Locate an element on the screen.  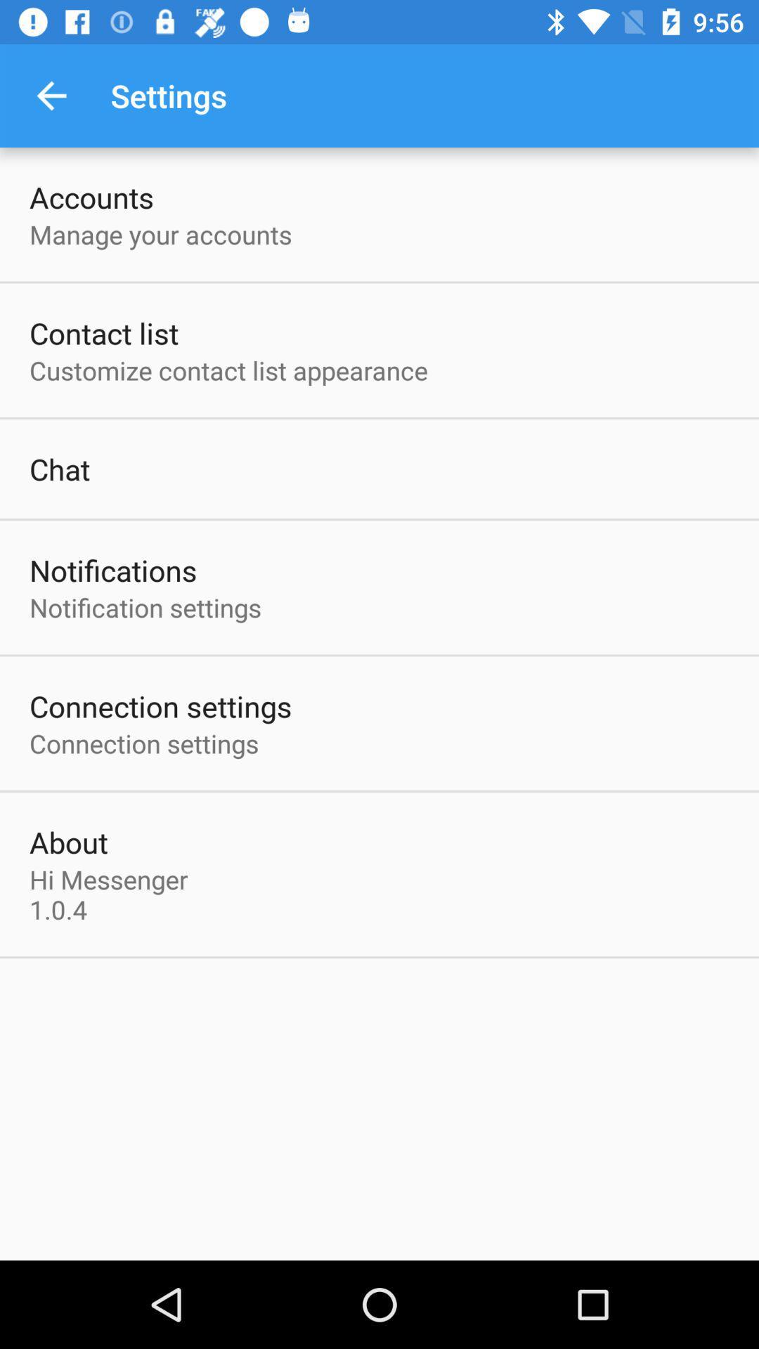
app to the left of settings item is located at coordinates (51, 95).